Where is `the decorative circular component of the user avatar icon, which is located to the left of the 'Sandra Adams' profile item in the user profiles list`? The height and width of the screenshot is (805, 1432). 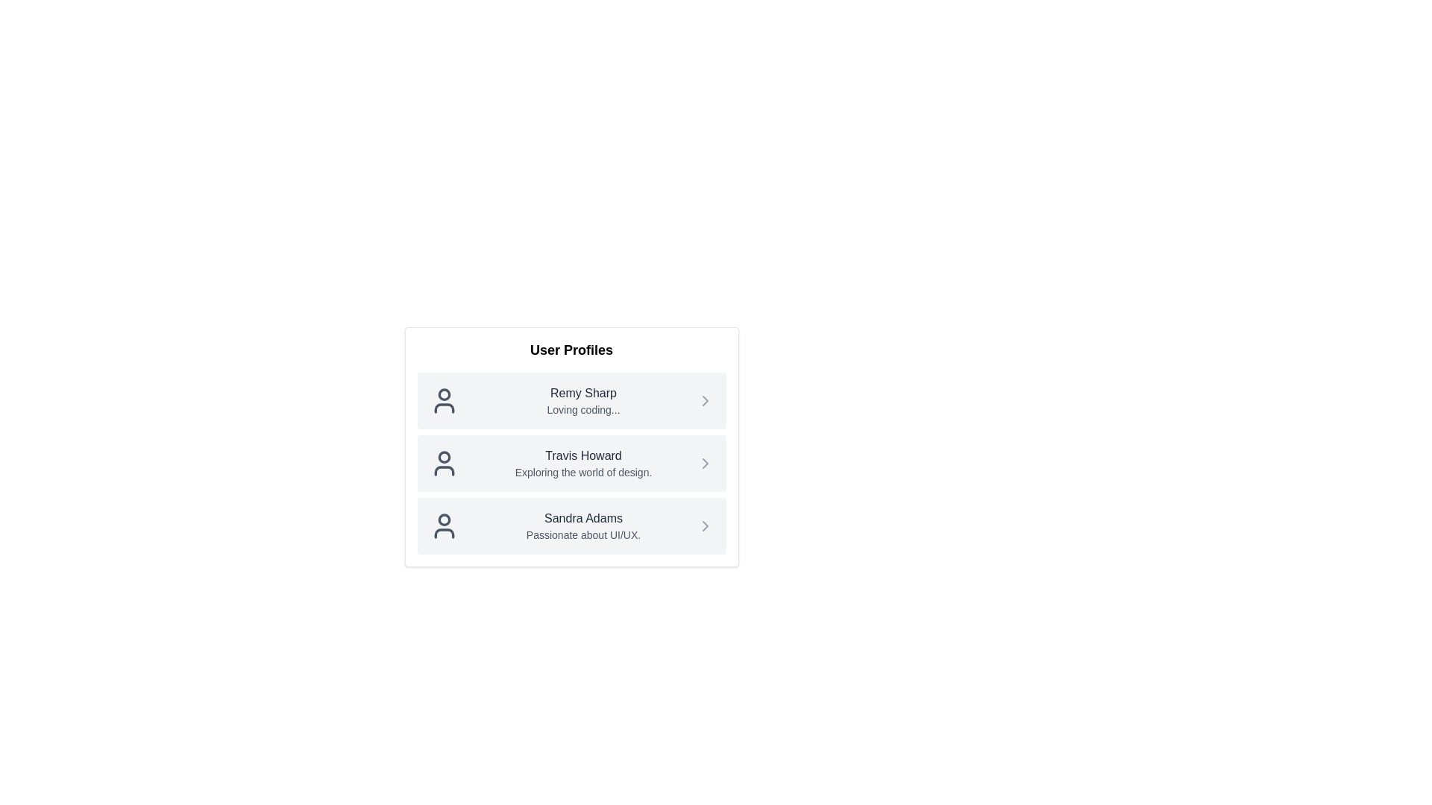 the decorative circular component of the user avatar icon, which is located to the left of the 'Sandra Adams' profile item in the user profiles list is located at coordinates (443, 519).